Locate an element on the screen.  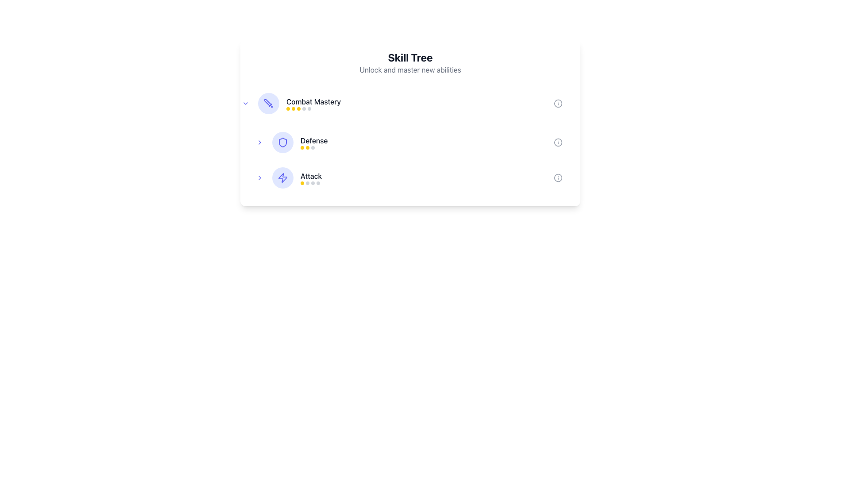
the Informational icon related to the 'Combat Mastery' skill to interact with additional information or help is located at coordinates (558, 103).